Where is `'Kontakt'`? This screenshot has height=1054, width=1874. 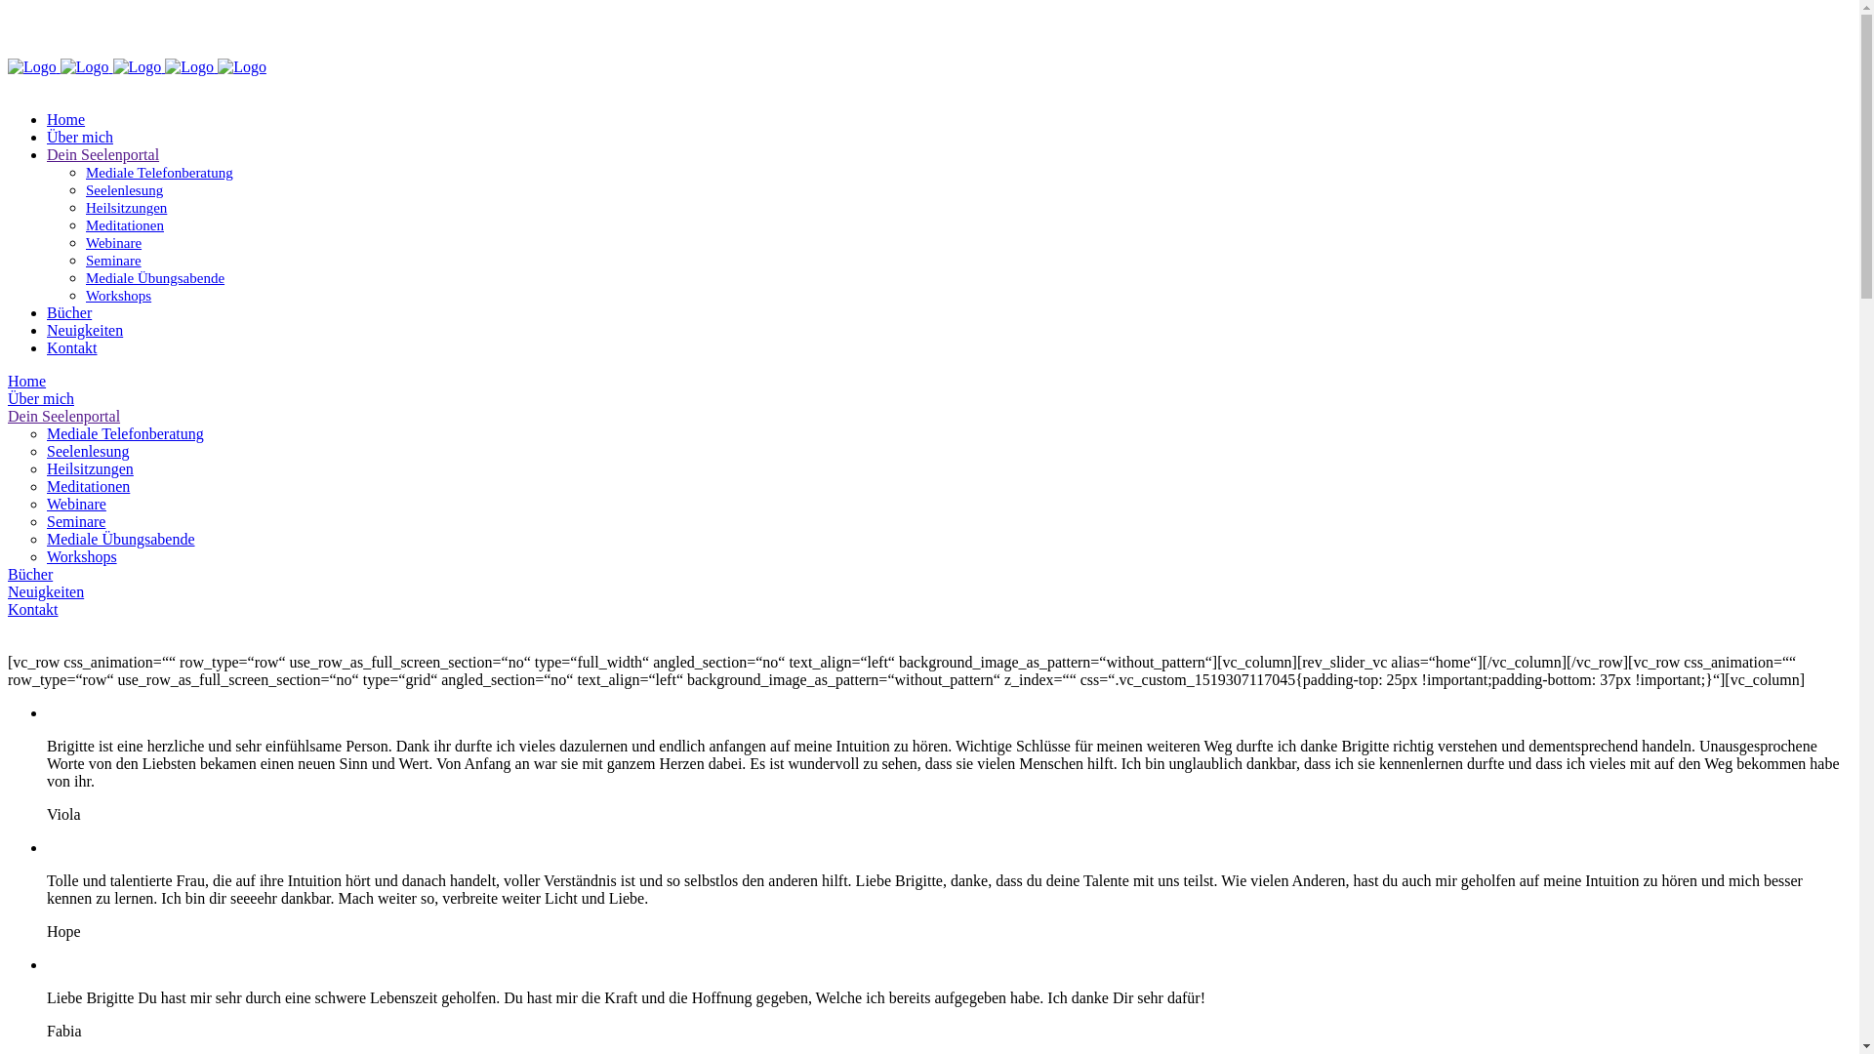 'Kontakt' is located at coordinates (8, 608).